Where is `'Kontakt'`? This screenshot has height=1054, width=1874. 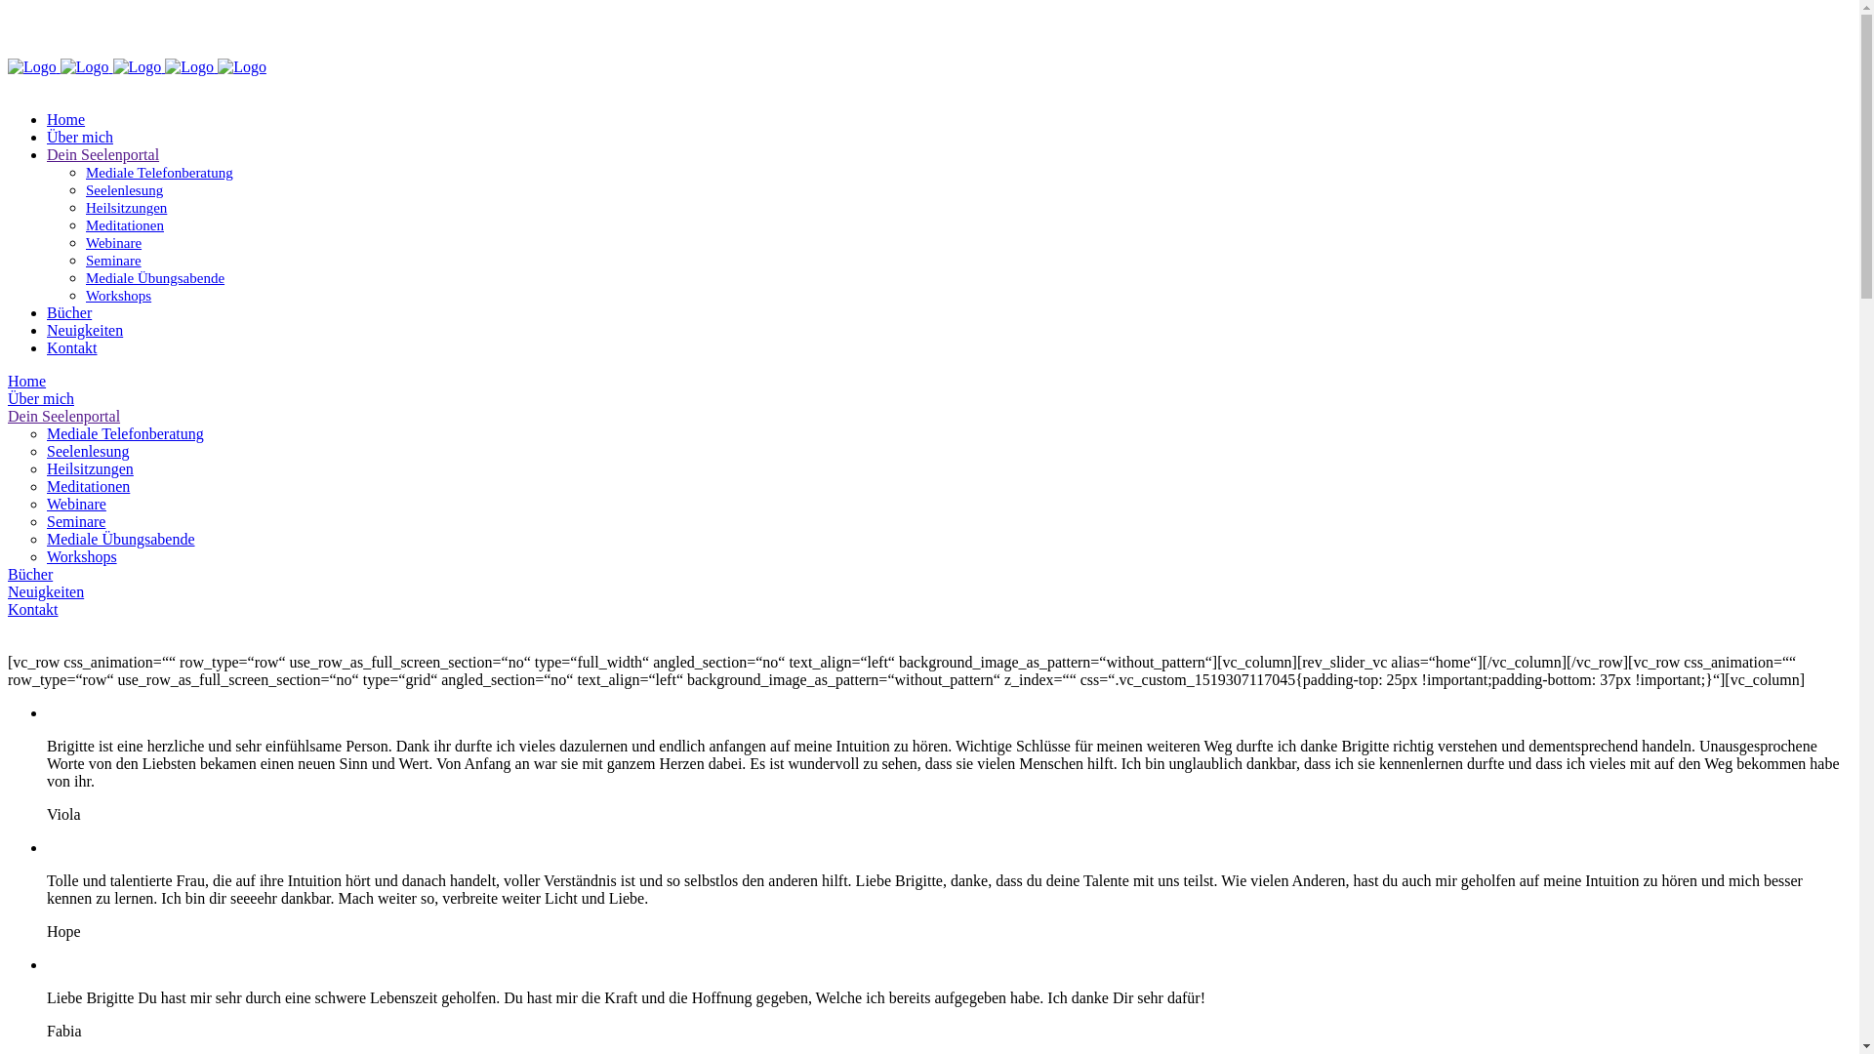 'Kontakt' is located at coordinates (8, 608).